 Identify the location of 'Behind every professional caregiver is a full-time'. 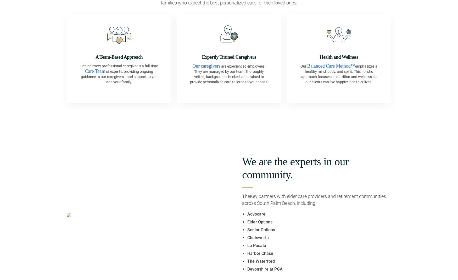
(119, 65).